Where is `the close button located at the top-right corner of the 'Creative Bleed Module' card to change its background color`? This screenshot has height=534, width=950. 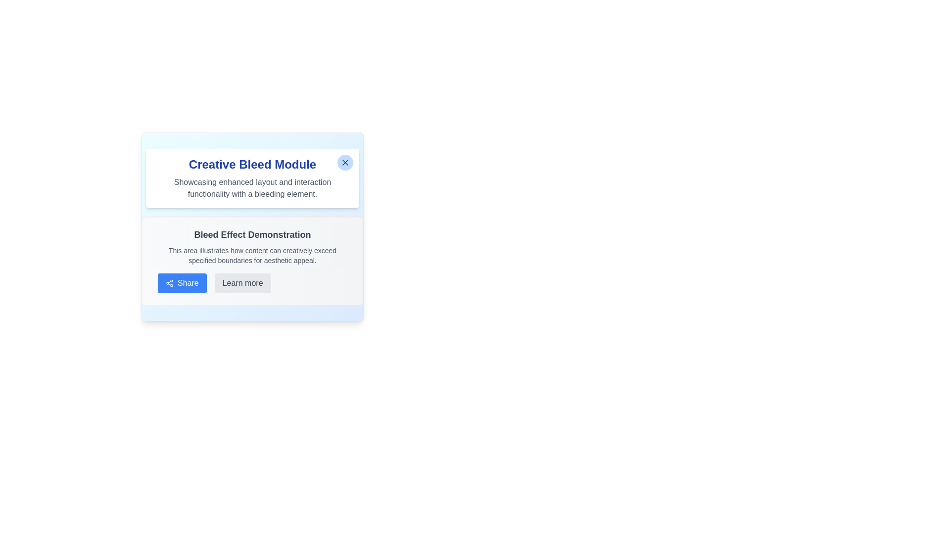 the close button located at the top-right corner of the 'Creative Bleed Module' card to change its background color is located at coordinates (345, 162).